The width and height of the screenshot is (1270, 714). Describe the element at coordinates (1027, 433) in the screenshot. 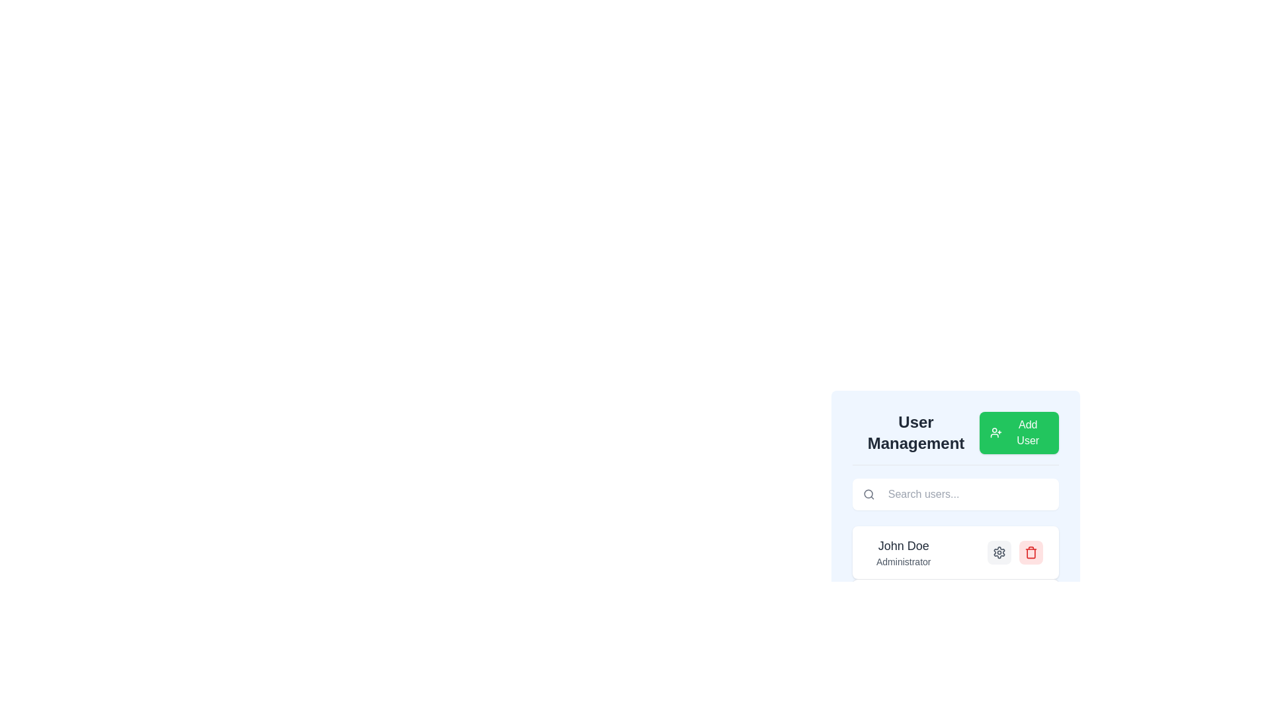

I see `label 'Add User' displayed in white on the green button located in the top-right area of the interface` at that location.